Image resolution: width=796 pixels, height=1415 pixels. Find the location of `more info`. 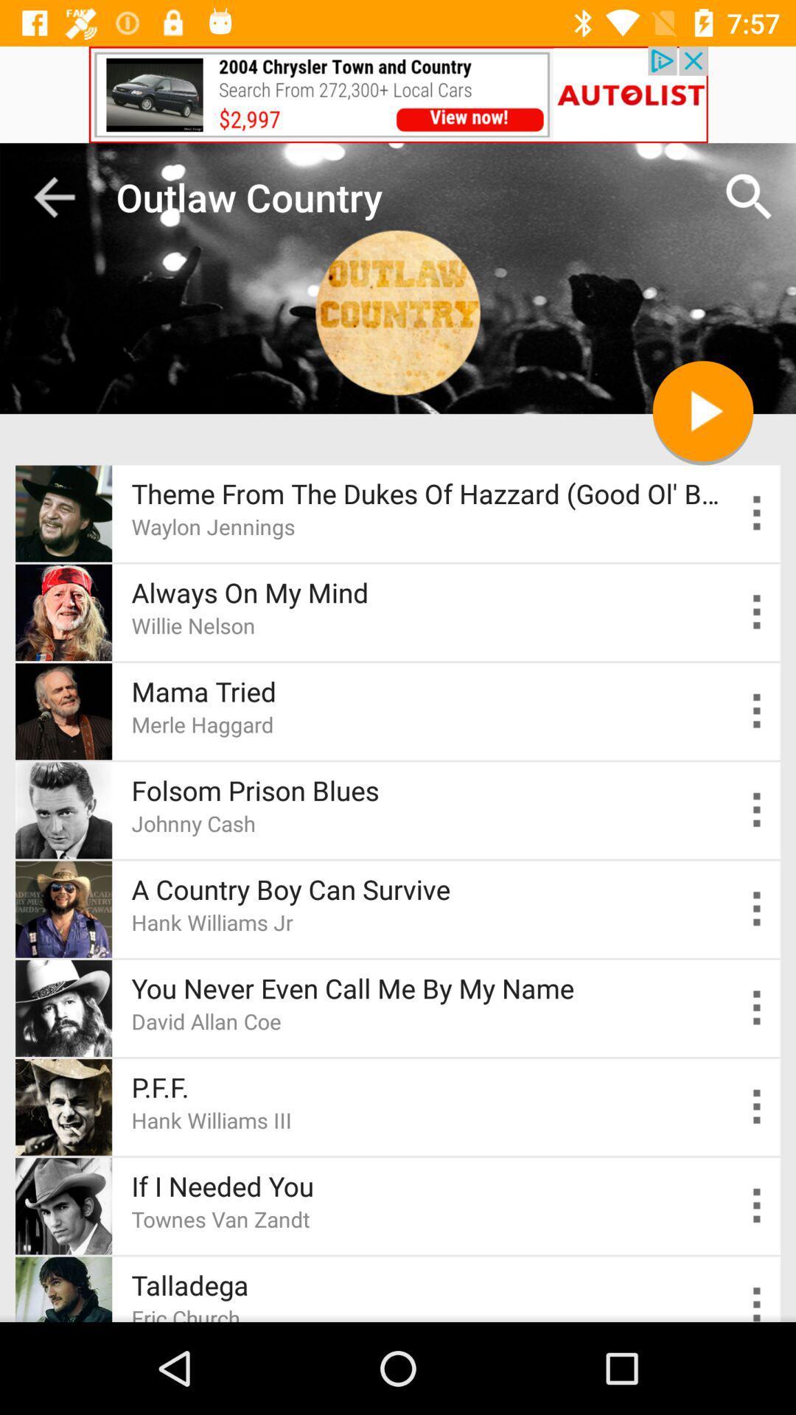

more info is located at coordinates (757, 1107).